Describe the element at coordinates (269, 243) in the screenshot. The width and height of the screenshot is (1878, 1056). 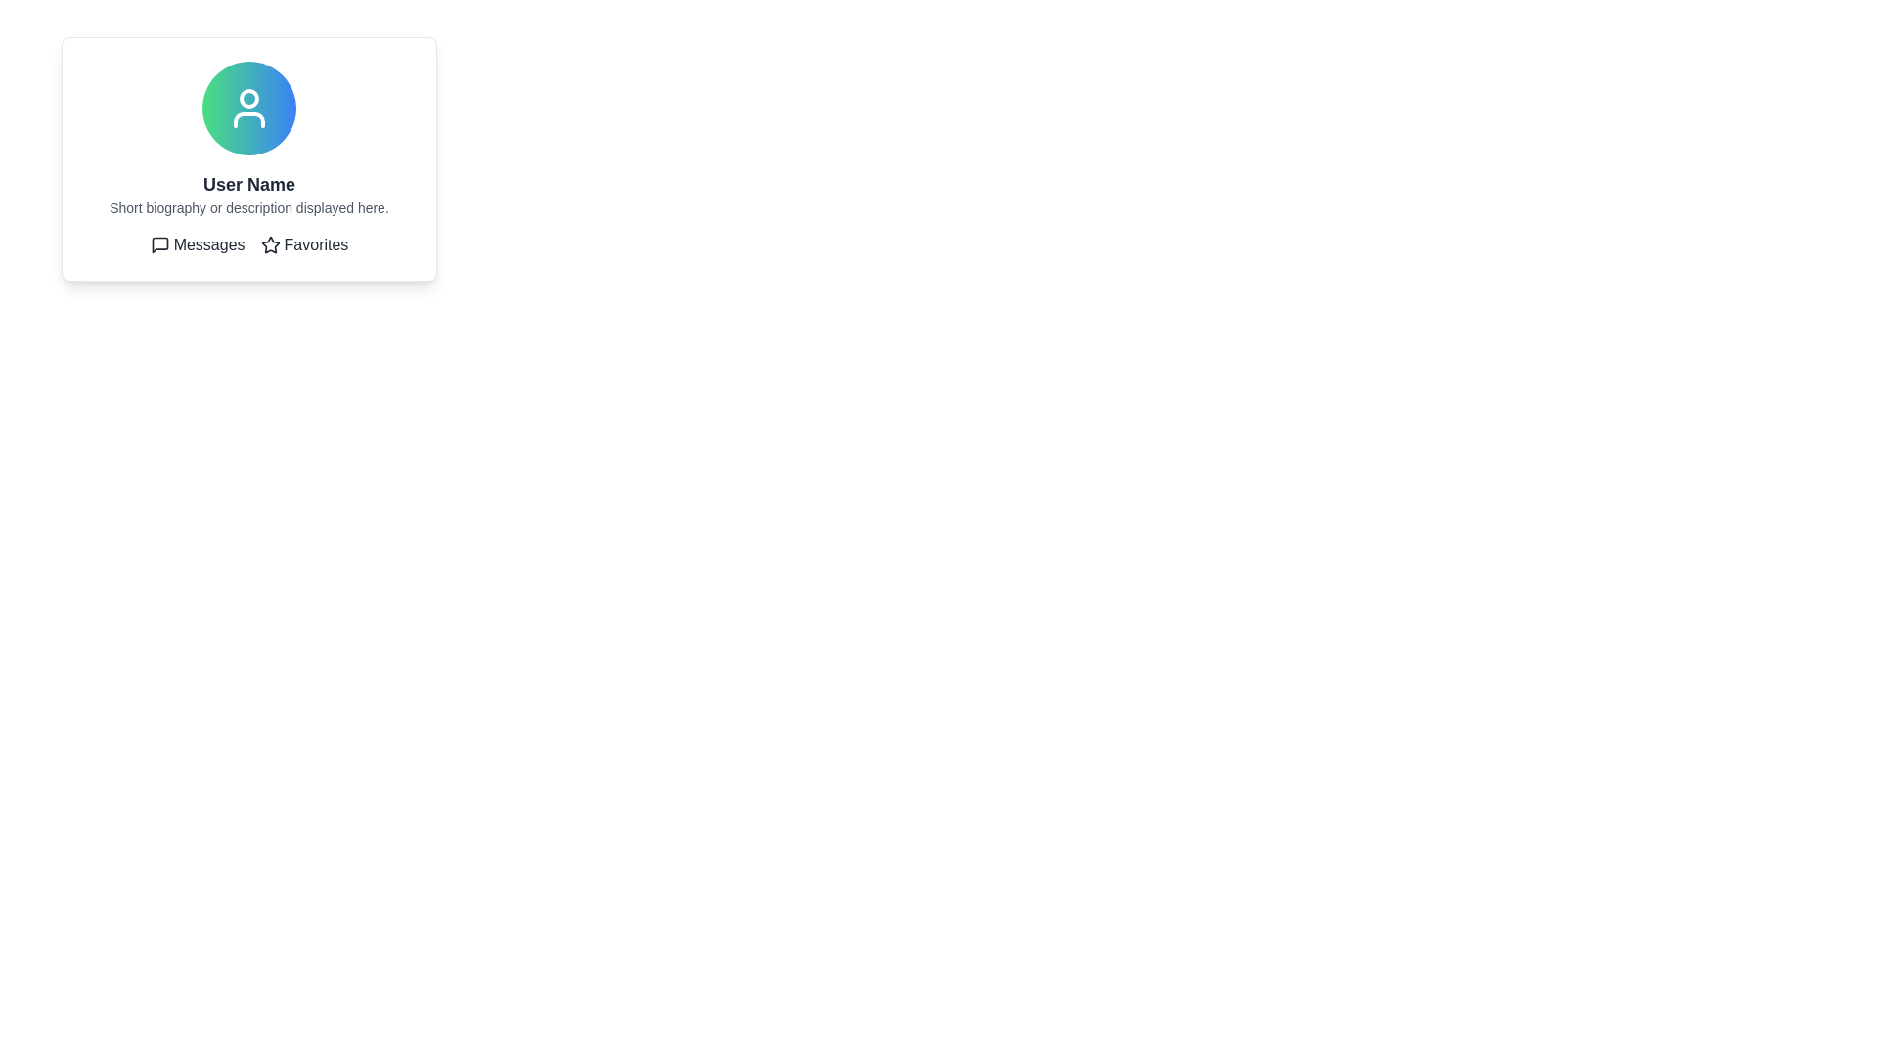
I see `the star icon with a hollow center and bold outline, located to the right of the 'Messages' label and above the 'Favorites' label in the user profile card section` at that location.